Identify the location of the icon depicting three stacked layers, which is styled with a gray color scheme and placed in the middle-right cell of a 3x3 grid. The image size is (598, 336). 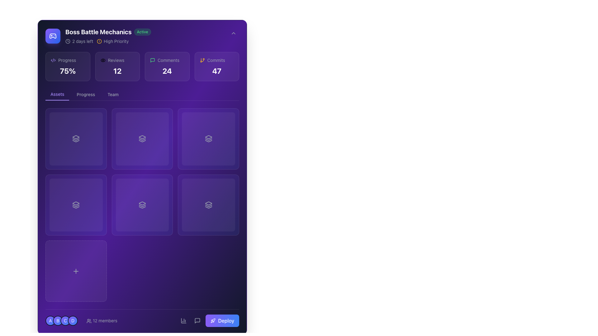
(208, 138).